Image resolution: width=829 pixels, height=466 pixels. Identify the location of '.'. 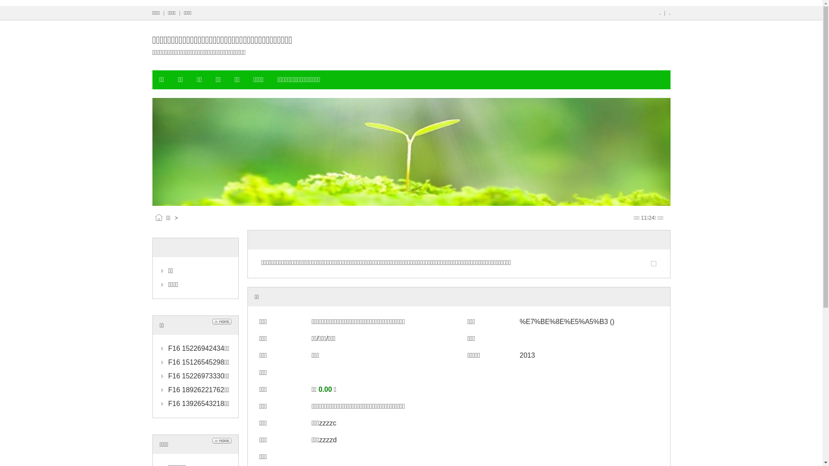
(669, 13).